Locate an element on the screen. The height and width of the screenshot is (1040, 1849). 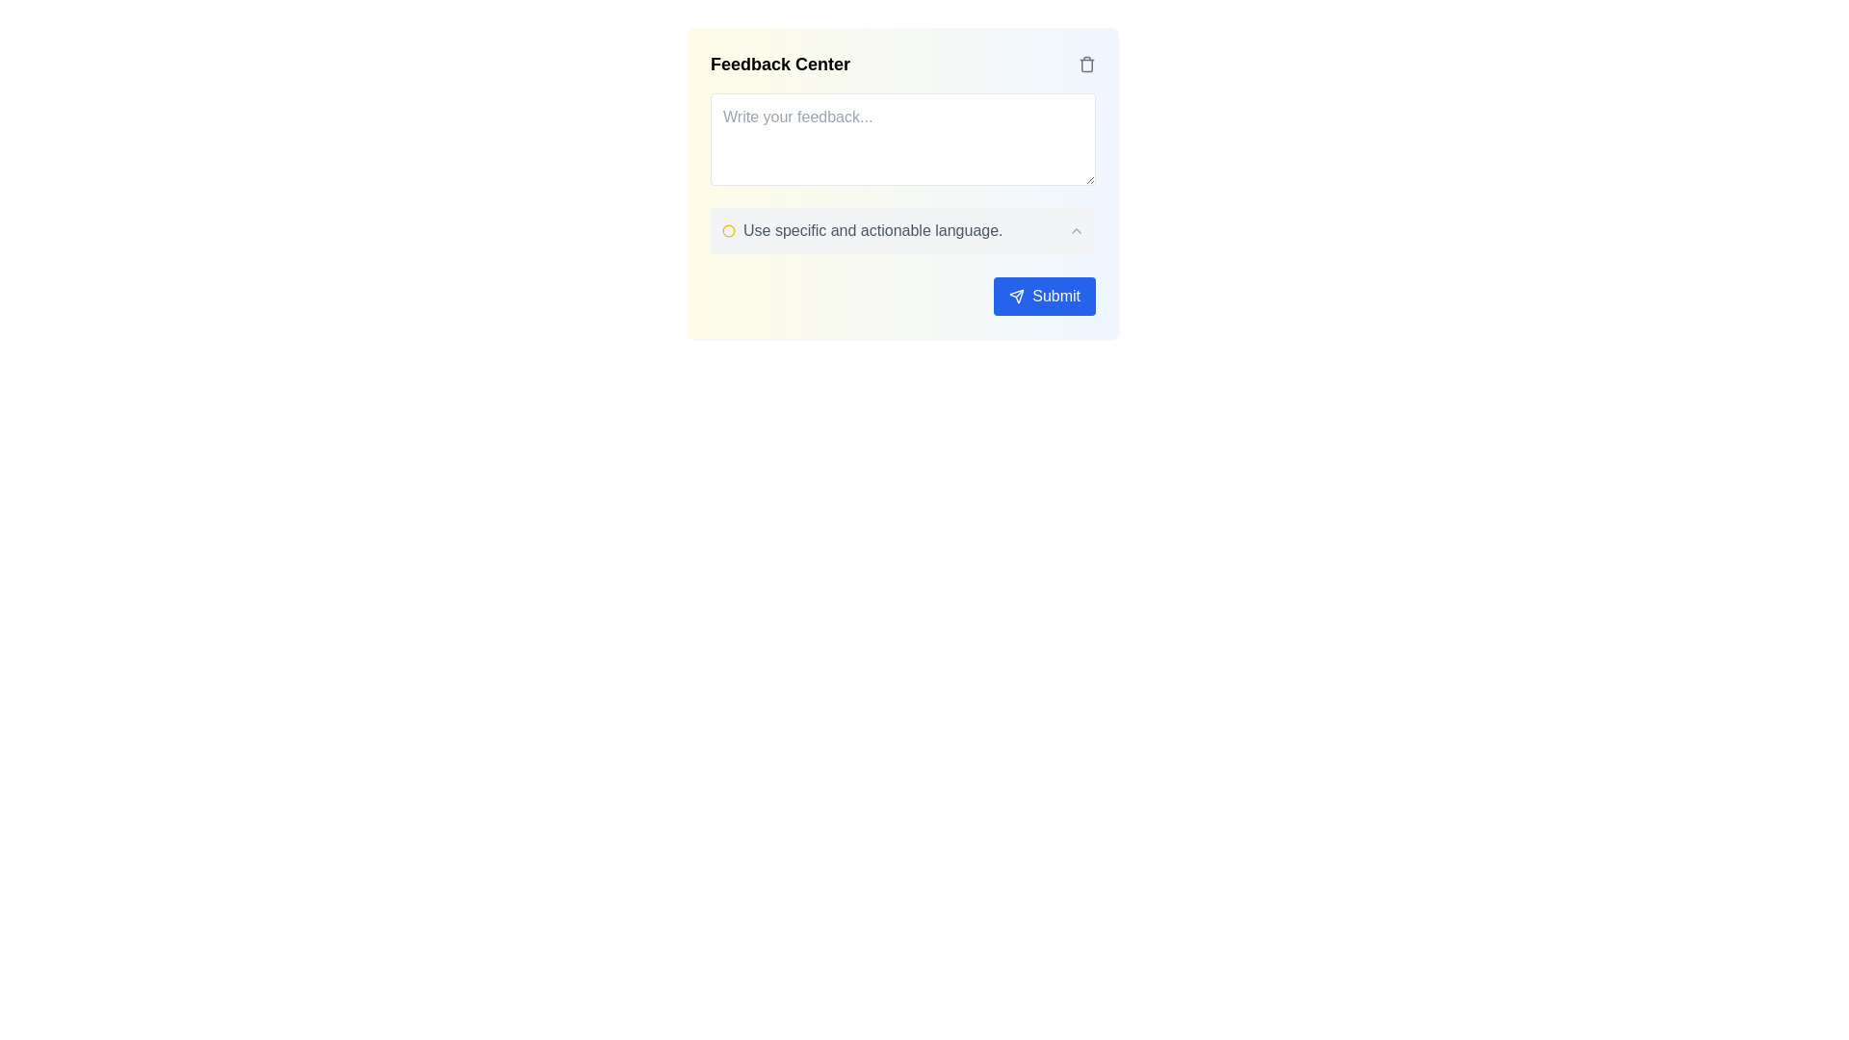
the small upward-pointing chevron icon button located at the far right of the row containing the text 'Use specific and actionable language.' is located at coordinates (1076, 229).